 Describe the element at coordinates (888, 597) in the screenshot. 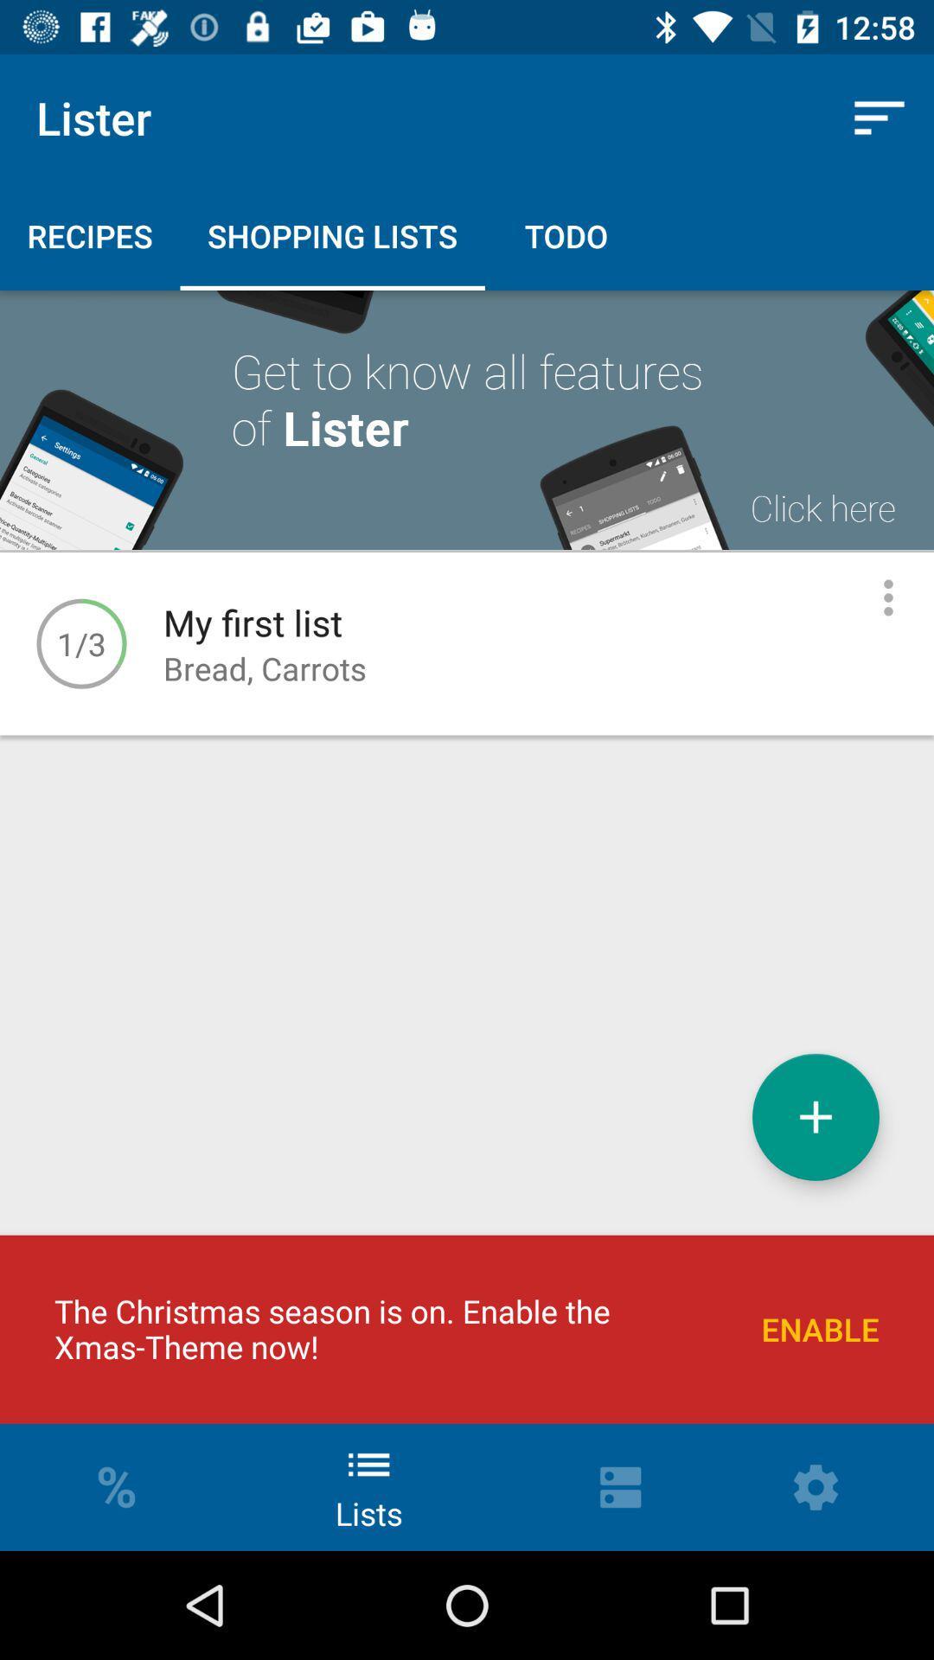

I see `drop down menu of options` at that location.